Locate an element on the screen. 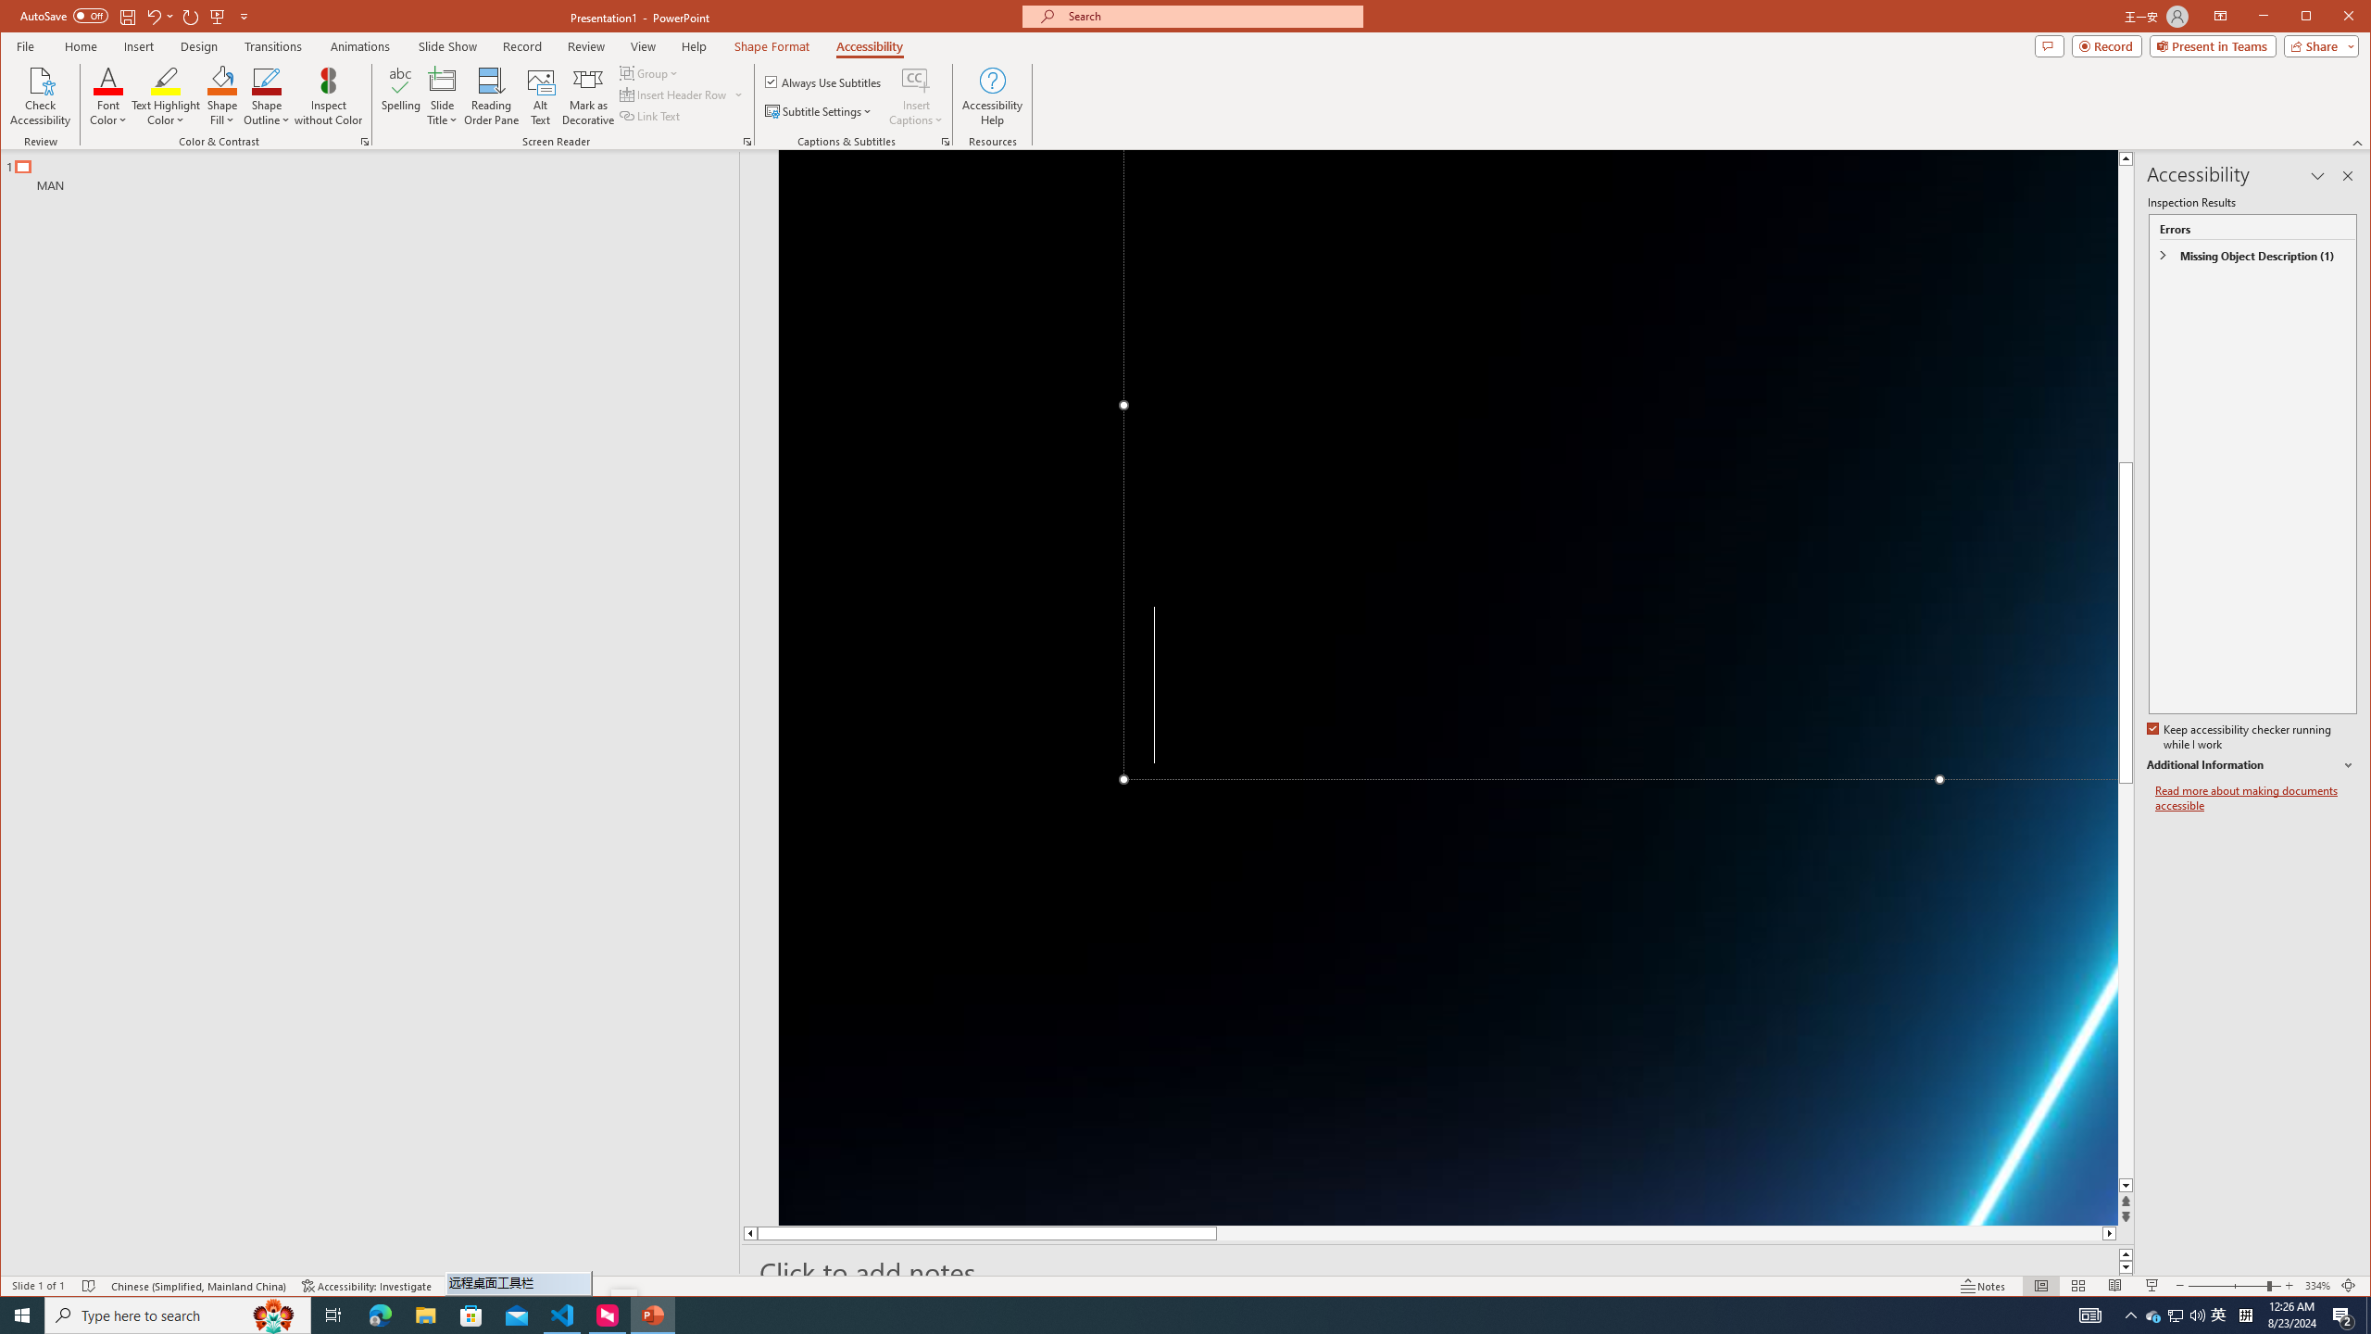 The height and width of the screenshot is (1334, 2371). 'Maximize' is located at coordinates (2333, 18).